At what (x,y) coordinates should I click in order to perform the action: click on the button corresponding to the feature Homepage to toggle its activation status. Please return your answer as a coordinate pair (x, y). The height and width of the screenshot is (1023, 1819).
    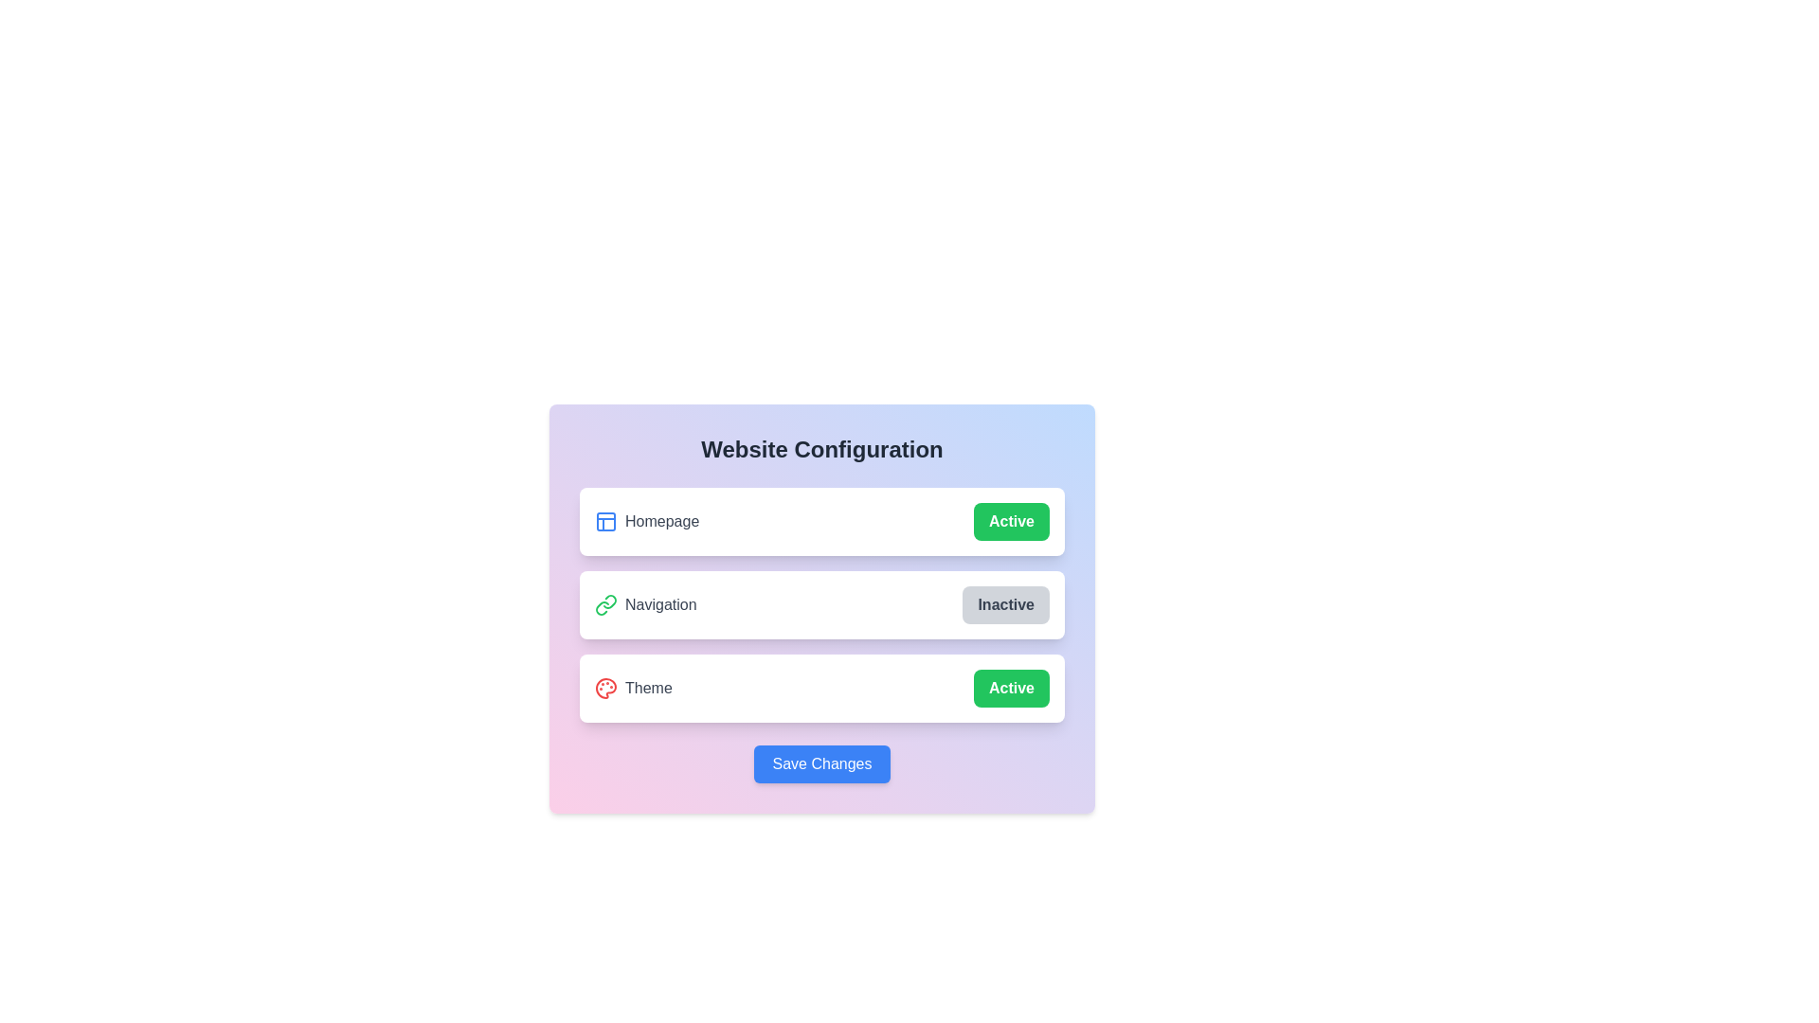
    Looking at the image, I should click on (1010, 522).